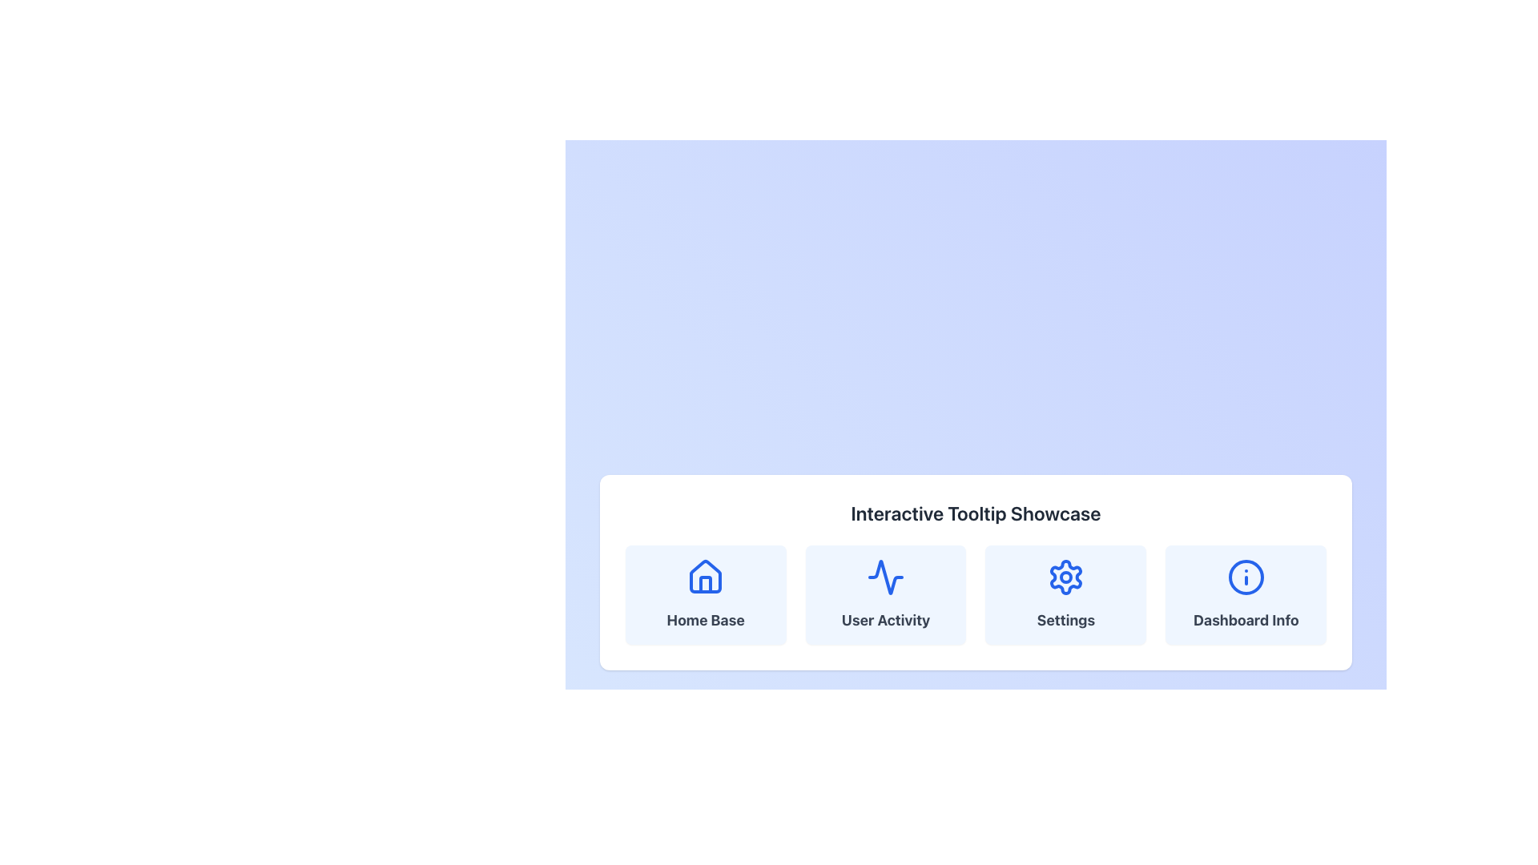 Image resolution: width=1538 pixels, height=865 pixels. What do you see at coordinates (885, 577) in the screenshot?
I see `the icon representing 'User Activity' located centrally in the second card of the horizontally aligned group below the header 'Interactive Tooltip Showcase'` at bounding box center [885, 577].